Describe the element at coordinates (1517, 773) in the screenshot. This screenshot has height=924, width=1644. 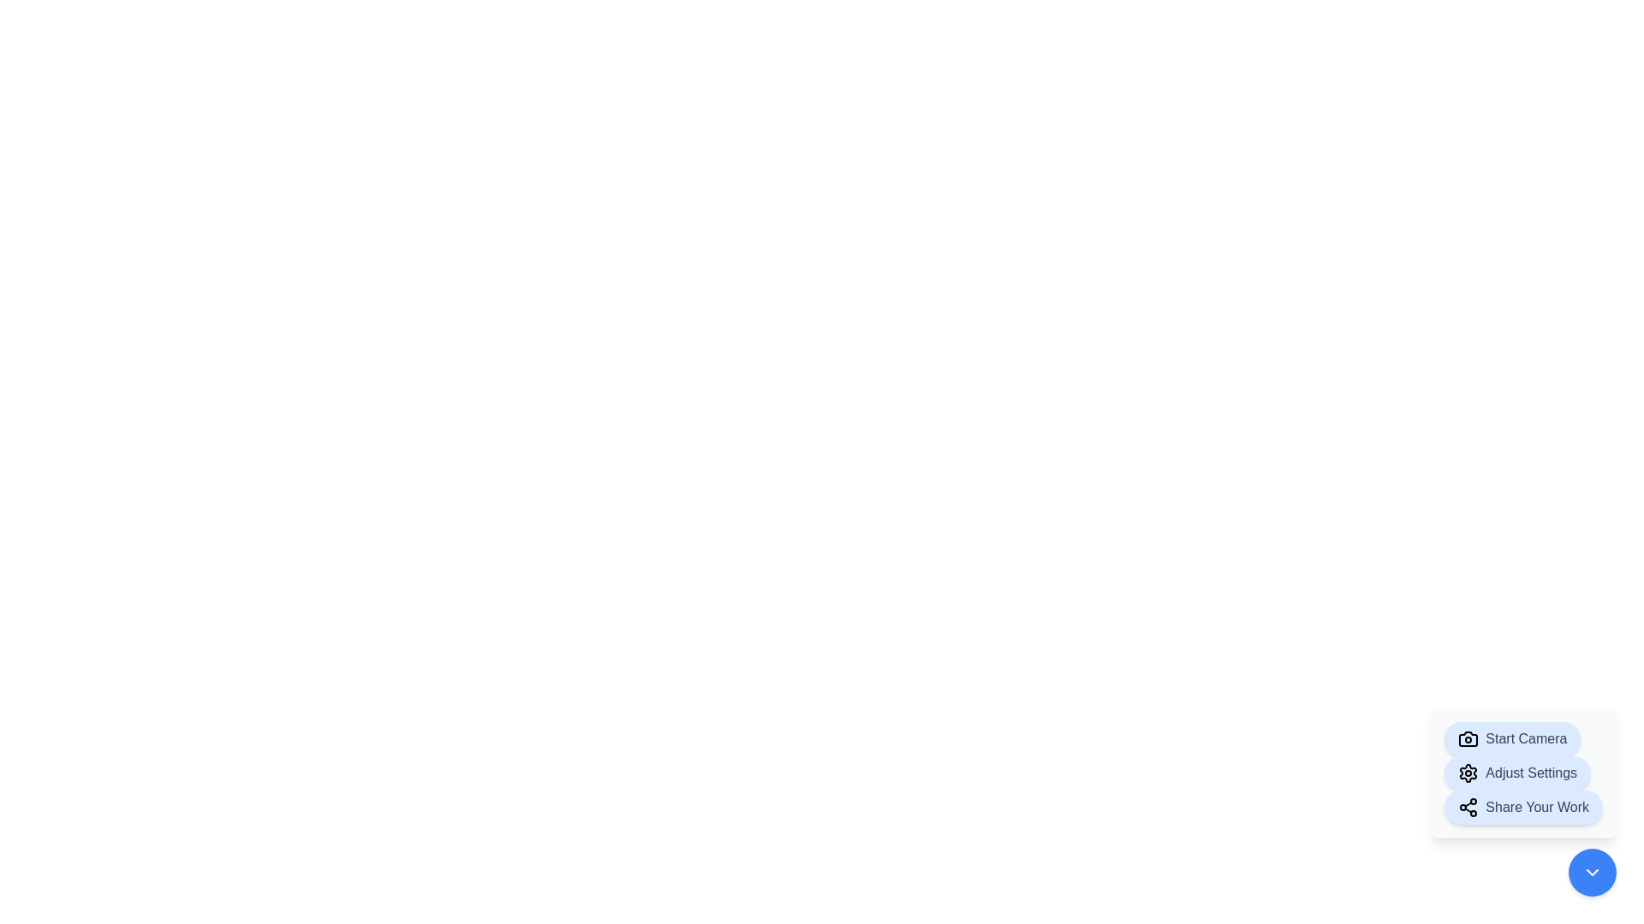
I see `the second pill-shaped button with a soft blue background and 'Adjust Settings' text` at that location.